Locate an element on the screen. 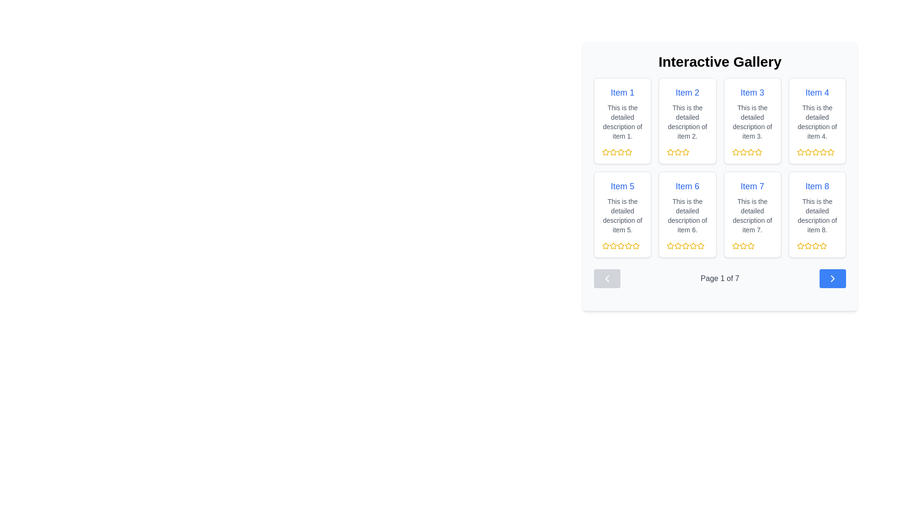 Image resolution: width=908 pixels, height=511 pixels. the first star icon in the 5-star rating row below the card labeled 'Item 1' in the gallery, which is a yellow star-shaped SVG with a hollow center is located at coordinates (629, 151).